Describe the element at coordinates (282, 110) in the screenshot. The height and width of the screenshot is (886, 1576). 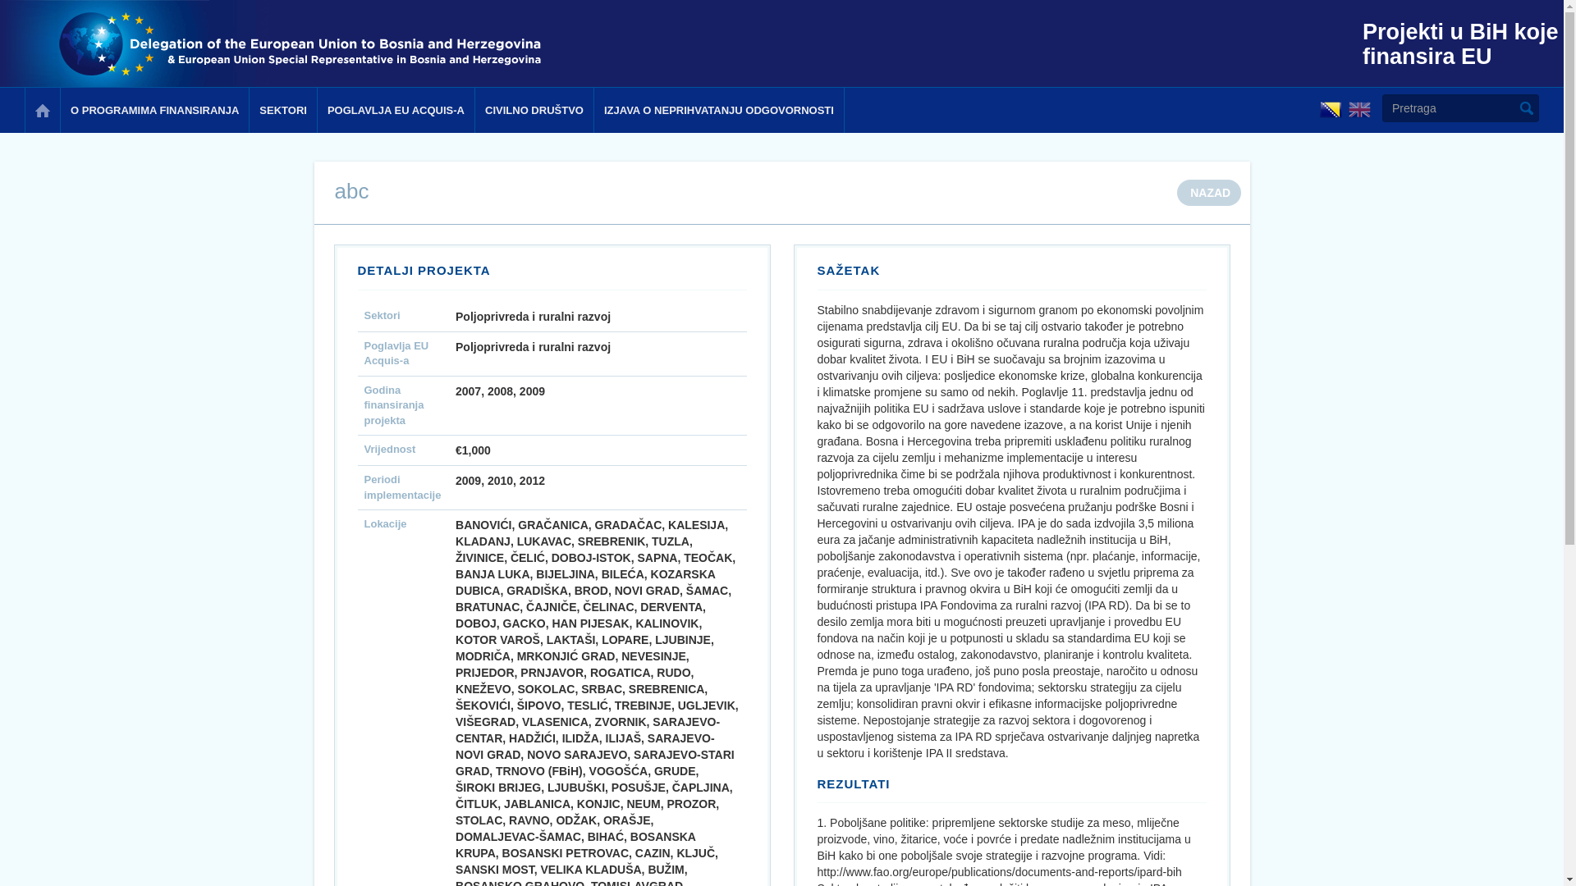
I see `'SEKTORI'` at that location.